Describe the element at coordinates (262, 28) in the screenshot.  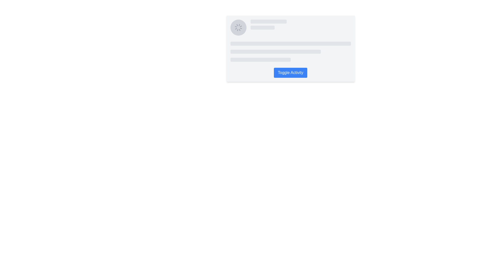
I see `the horizontal bar with rounded corners that serves as a placeholder indicator or loading animation, located beneath a wider bar in the upper part of the interface` at that location.